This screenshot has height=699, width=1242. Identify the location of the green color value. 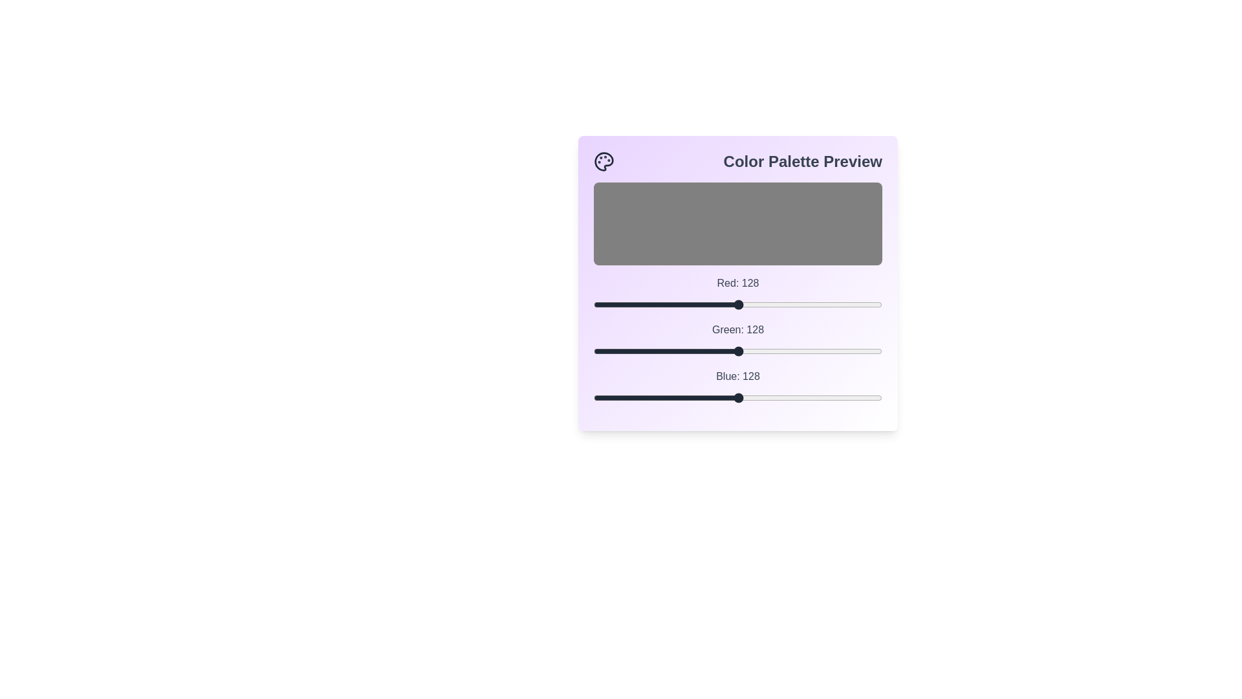
(774, 351).